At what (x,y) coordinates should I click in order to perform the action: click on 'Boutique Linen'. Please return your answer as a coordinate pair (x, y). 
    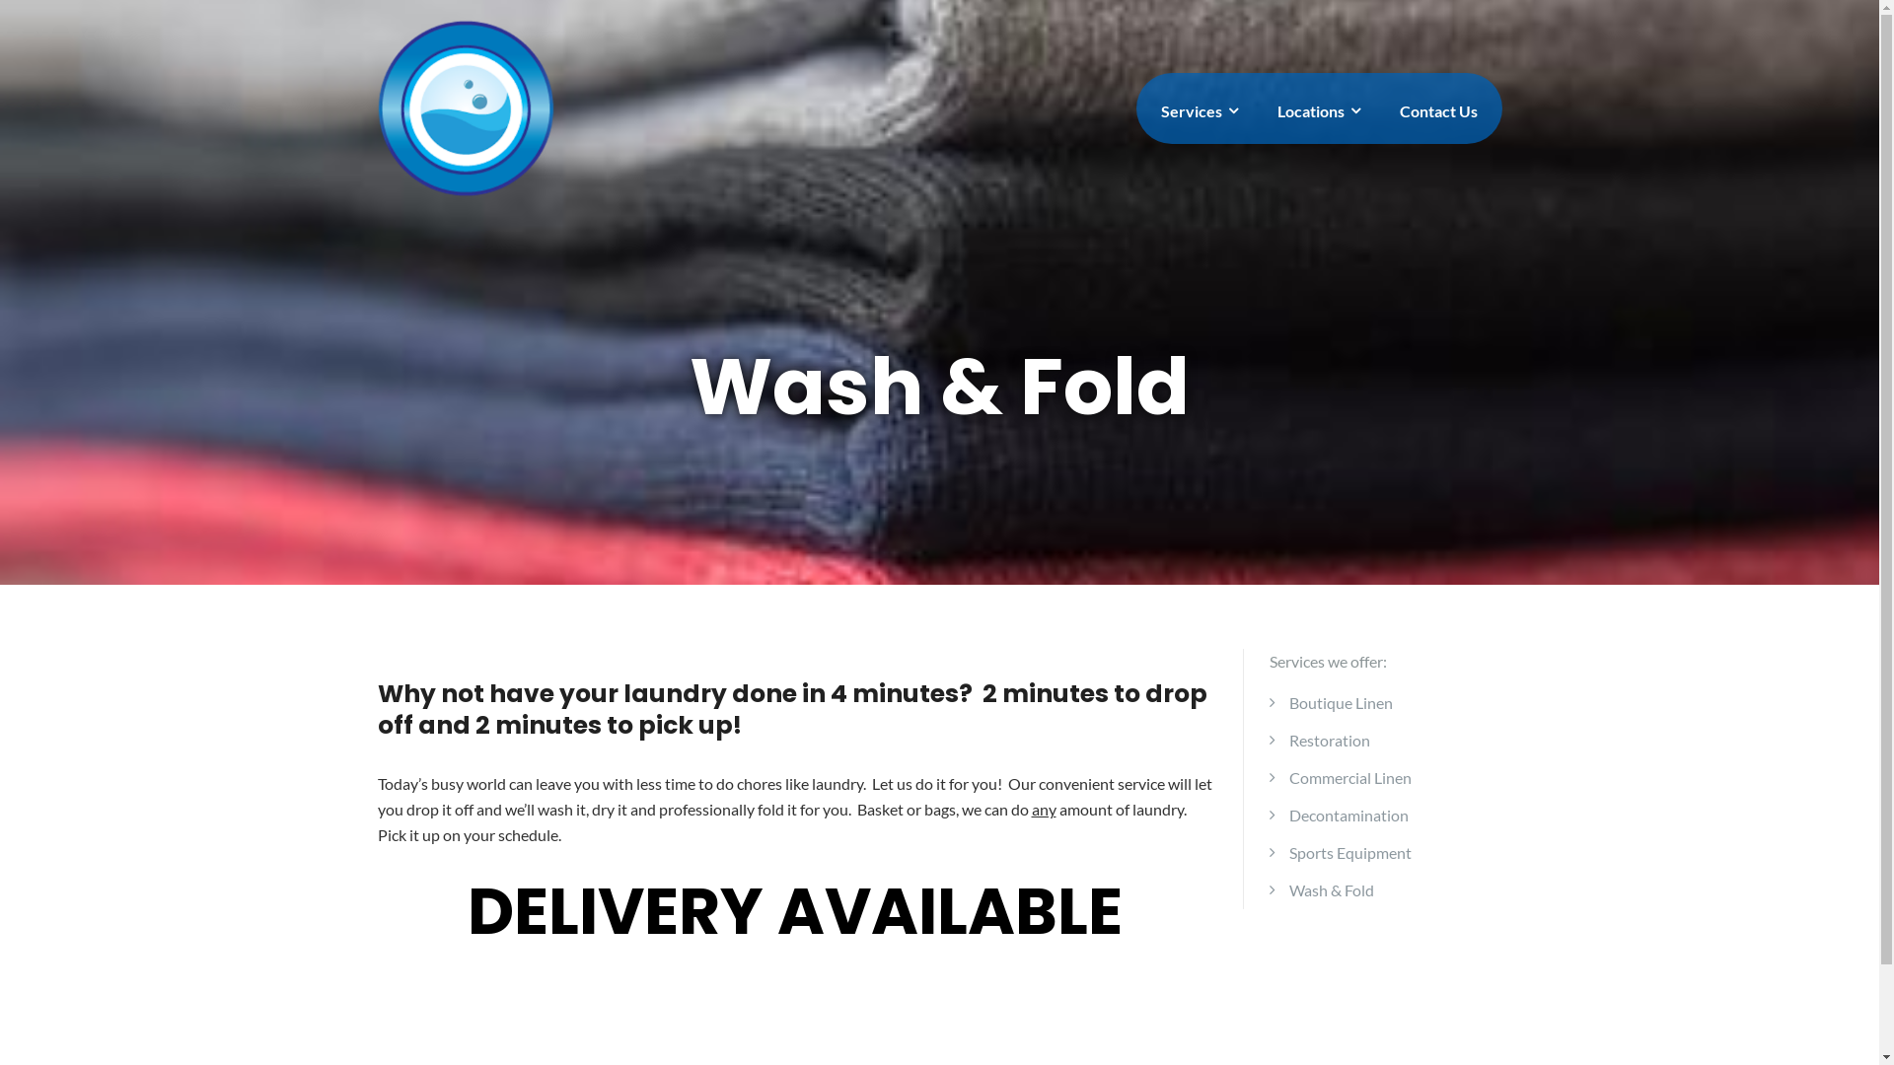
    Looking at the image, I should click on (1341, 701).